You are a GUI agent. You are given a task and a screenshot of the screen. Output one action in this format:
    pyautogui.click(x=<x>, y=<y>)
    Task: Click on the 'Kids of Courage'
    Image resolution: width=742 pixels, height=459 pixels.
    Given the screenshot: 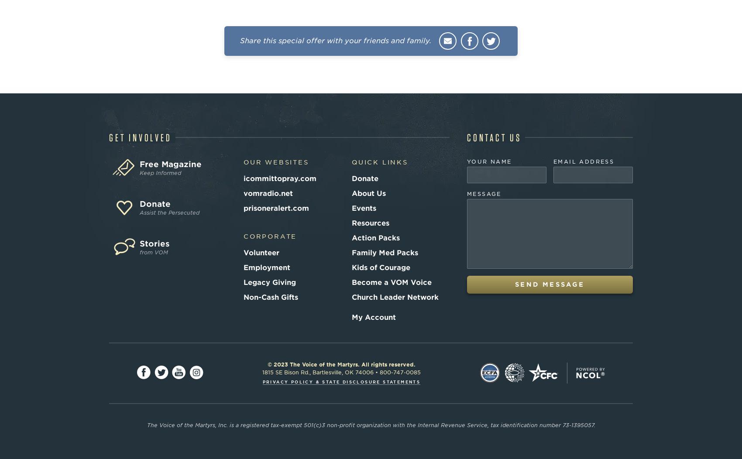 What is the action you would take?
    pyautogui.click(x=381, y=267)
    